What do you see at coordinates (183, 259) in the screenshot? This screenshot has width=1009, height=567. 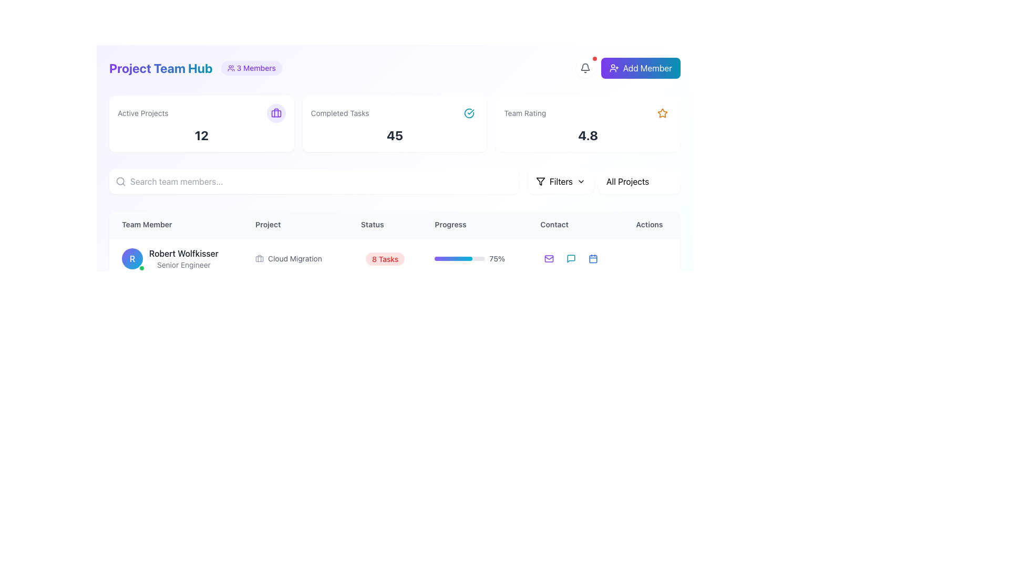 I see `the text block displaying 'Robert Wolfkisser' and 'Senior Engineer', which is center-aligned and located next to a circular avatar in the 'Team Member' column` at bounding box center [183, 259].